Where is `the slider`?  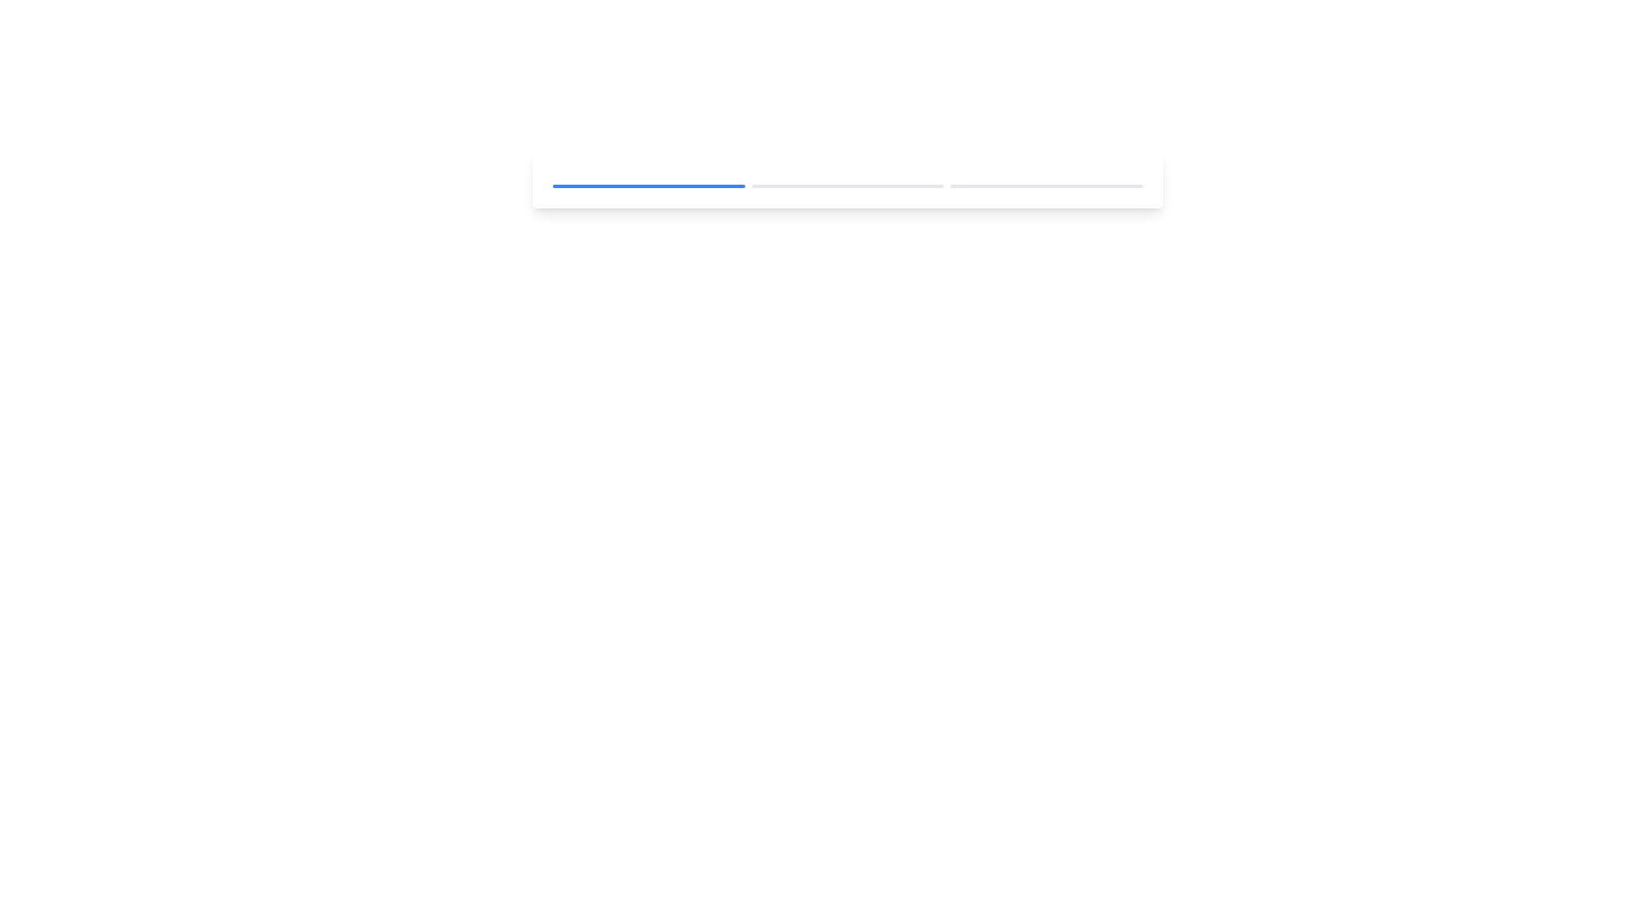
the slider is located at coordinates (828, 186).